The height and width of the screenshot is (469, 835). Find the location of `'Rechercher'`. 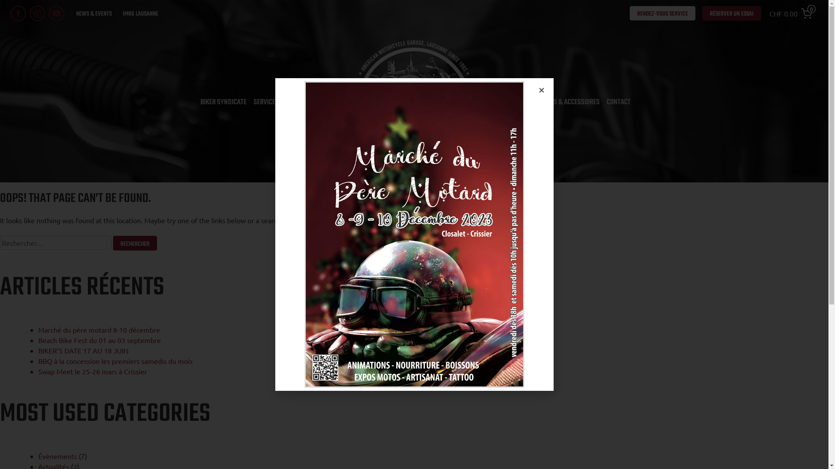

'Rechercher' is located at coordinates (134, 243).